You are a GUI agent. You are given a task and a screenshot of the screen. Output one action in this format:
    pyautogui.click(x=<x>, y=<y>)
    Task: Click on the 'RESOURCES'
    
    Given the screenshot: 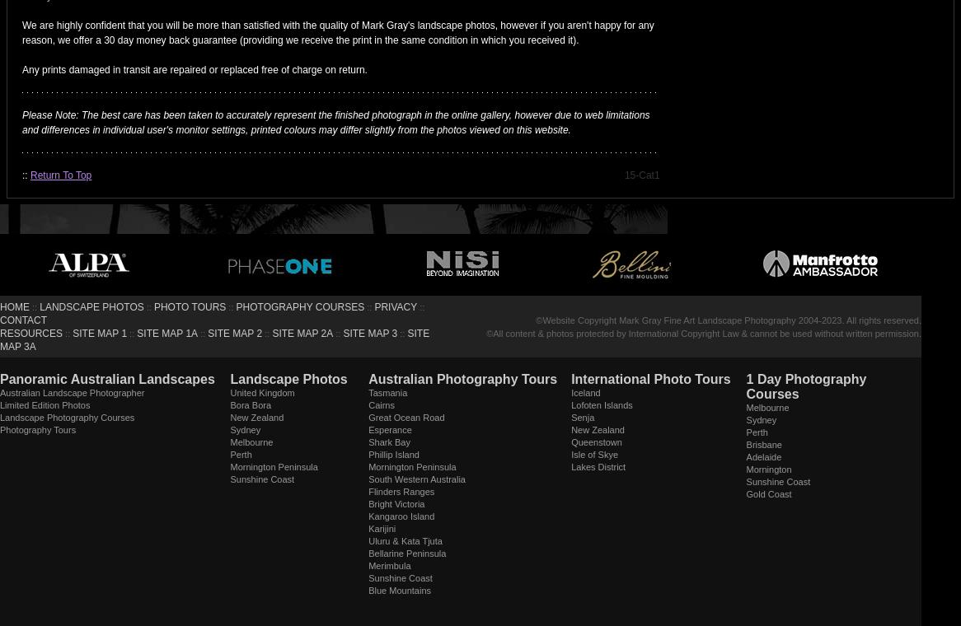 What is the action you would take?
    pyautogui.click(x=0, y=332)
    